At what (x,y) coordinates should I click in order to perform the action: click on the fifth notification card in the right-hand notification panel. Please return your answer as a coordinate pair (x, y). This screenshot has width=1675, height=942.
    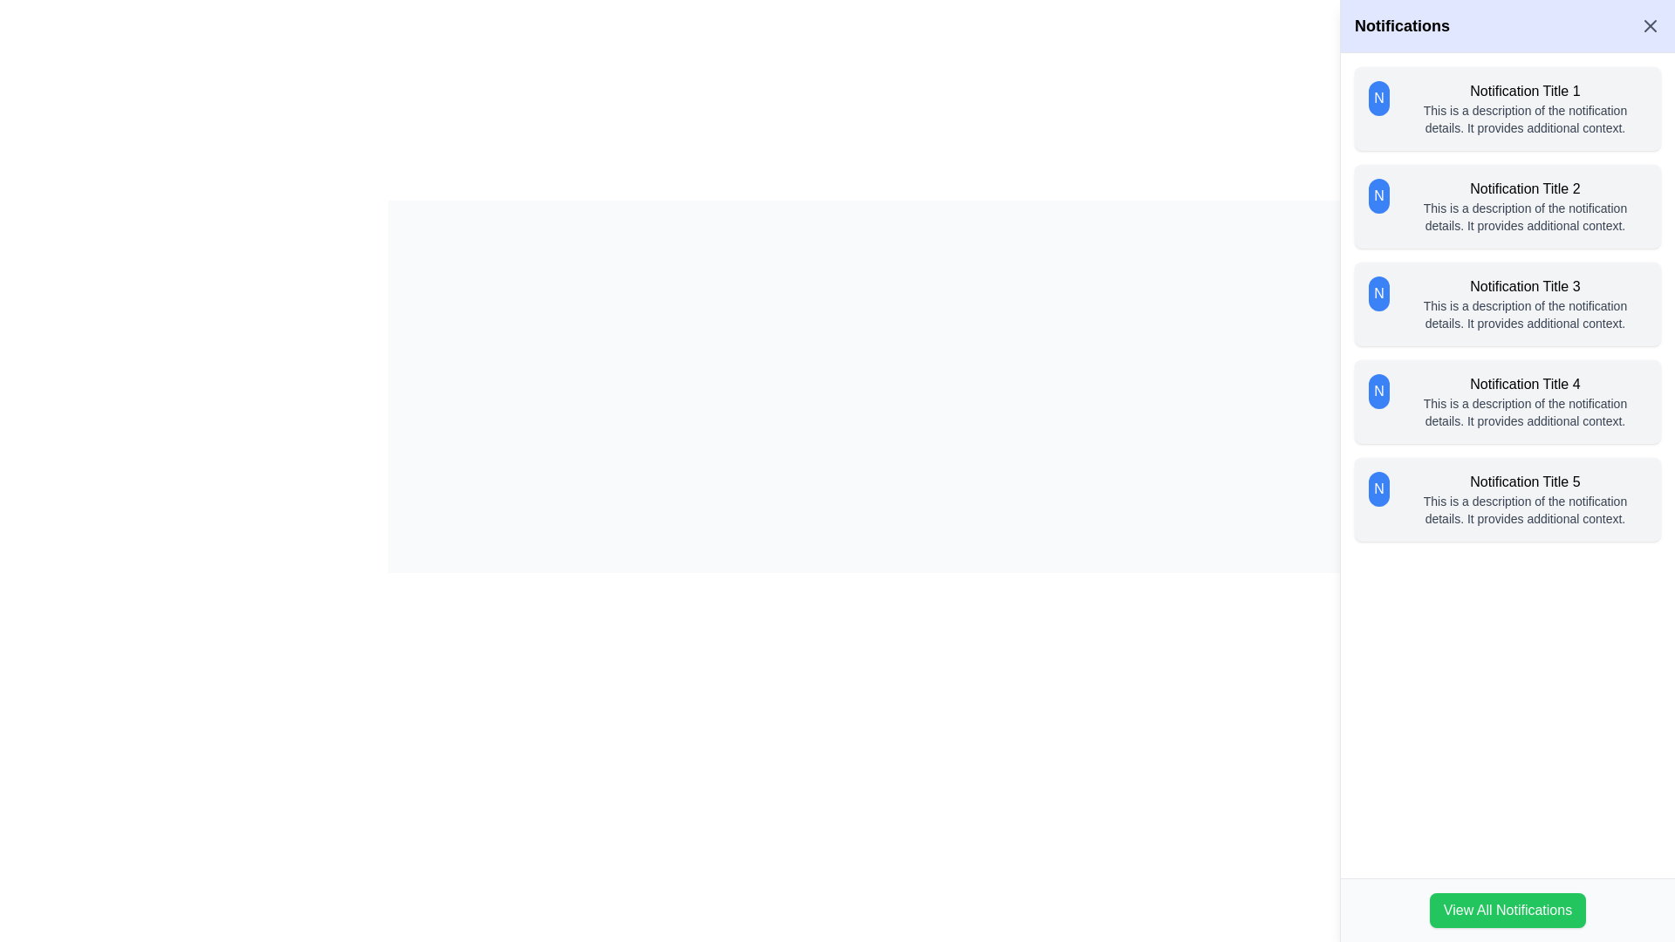
    Looking at the image, I should click on (1507, 500).